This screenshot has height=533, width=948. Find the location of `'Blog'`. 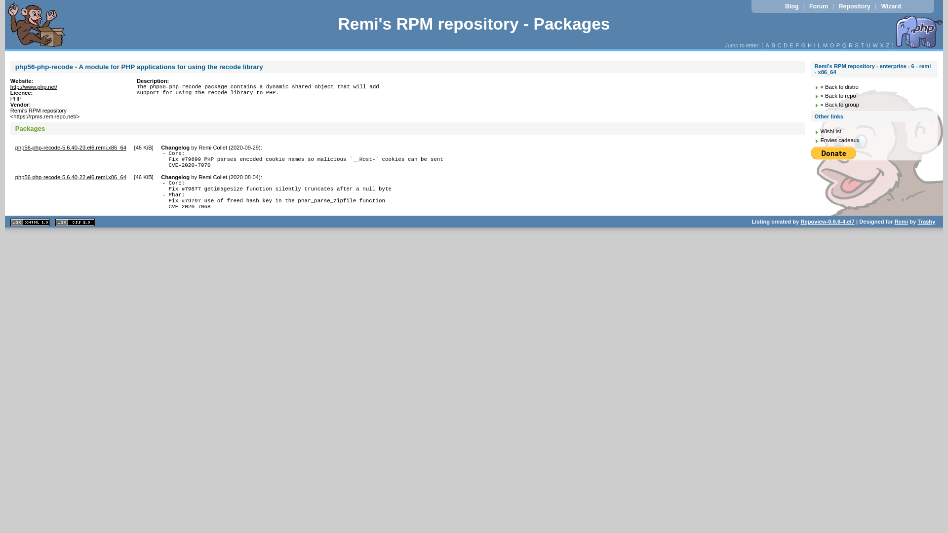

'Blog' is located at coordinates (791, 6).